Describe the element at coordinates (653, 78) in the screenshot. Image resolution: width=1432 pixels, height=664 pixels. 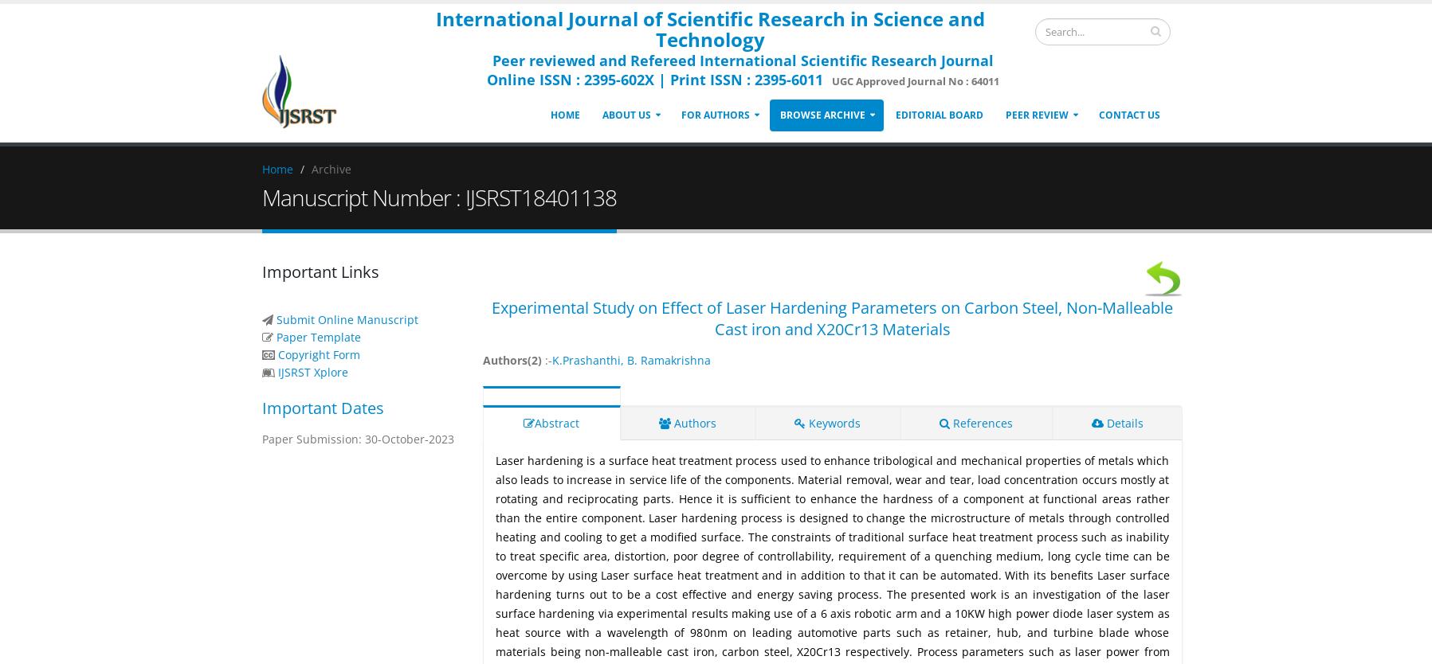
I see `'Online ISSN : 2395-602X | Print ISSN : 2395-6011'` at that location.